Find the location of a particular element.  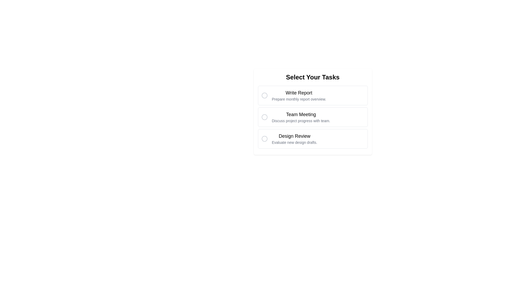

the first selectable task tile labeled 'Write Report' is located at coordinates (313, 96).